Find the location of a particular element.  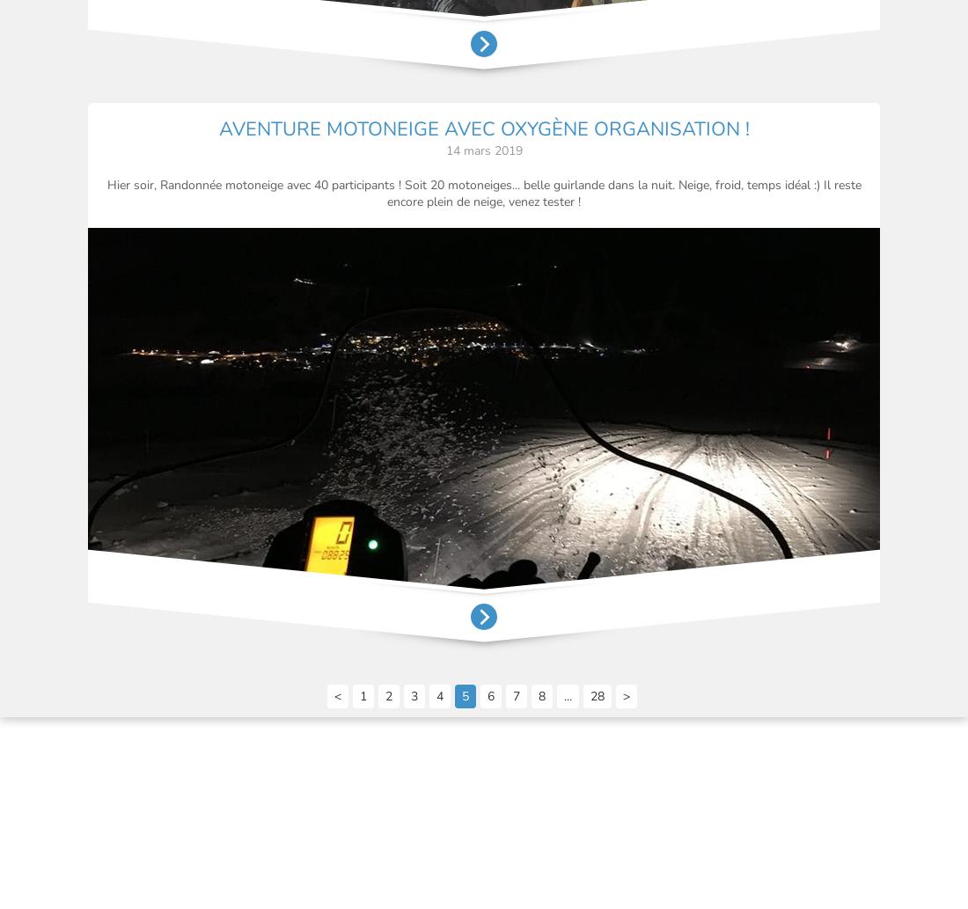

'7' is located at coordinates (511, 695).